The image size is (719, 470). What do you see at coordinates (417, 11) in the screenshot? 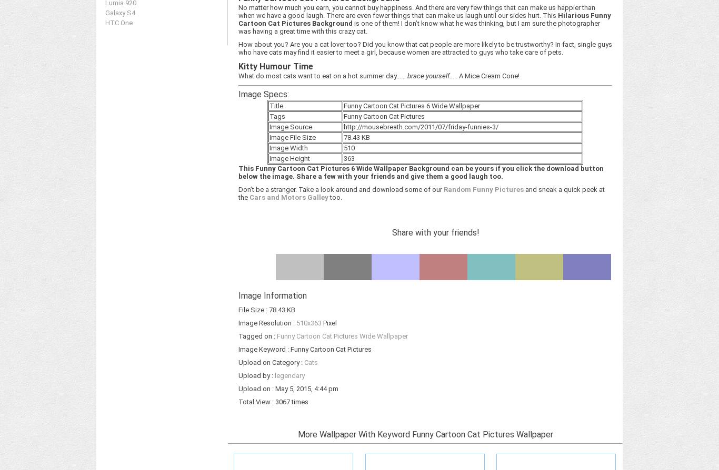
I see `'No matter how much you earn, you cannot buy happiness. And there are very few things that can make us happier than when we have a good laugh. There are even fewer things that can make us laugh until our sides hurt. This'` at bounding box center [417, 11].